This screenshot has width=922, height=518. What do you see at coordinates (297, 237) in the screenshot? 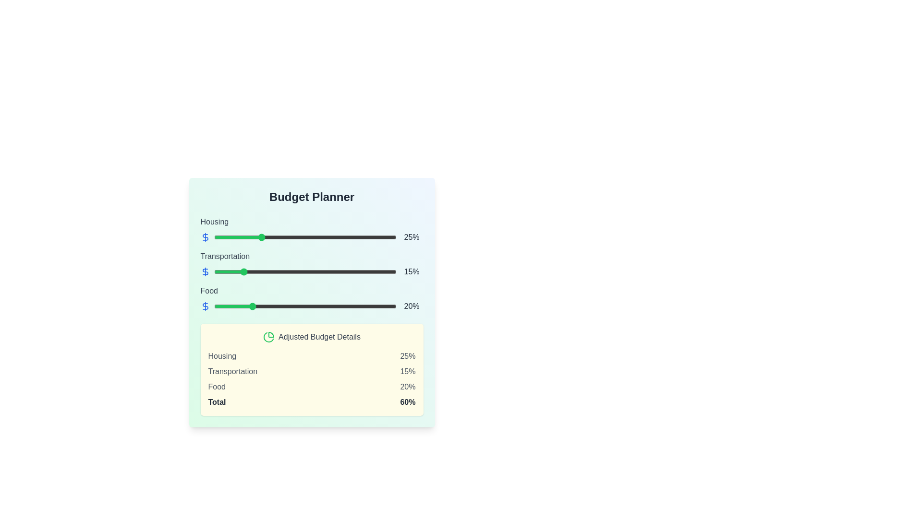
I see `the housing budget slider` at bounding box center [297, 237].